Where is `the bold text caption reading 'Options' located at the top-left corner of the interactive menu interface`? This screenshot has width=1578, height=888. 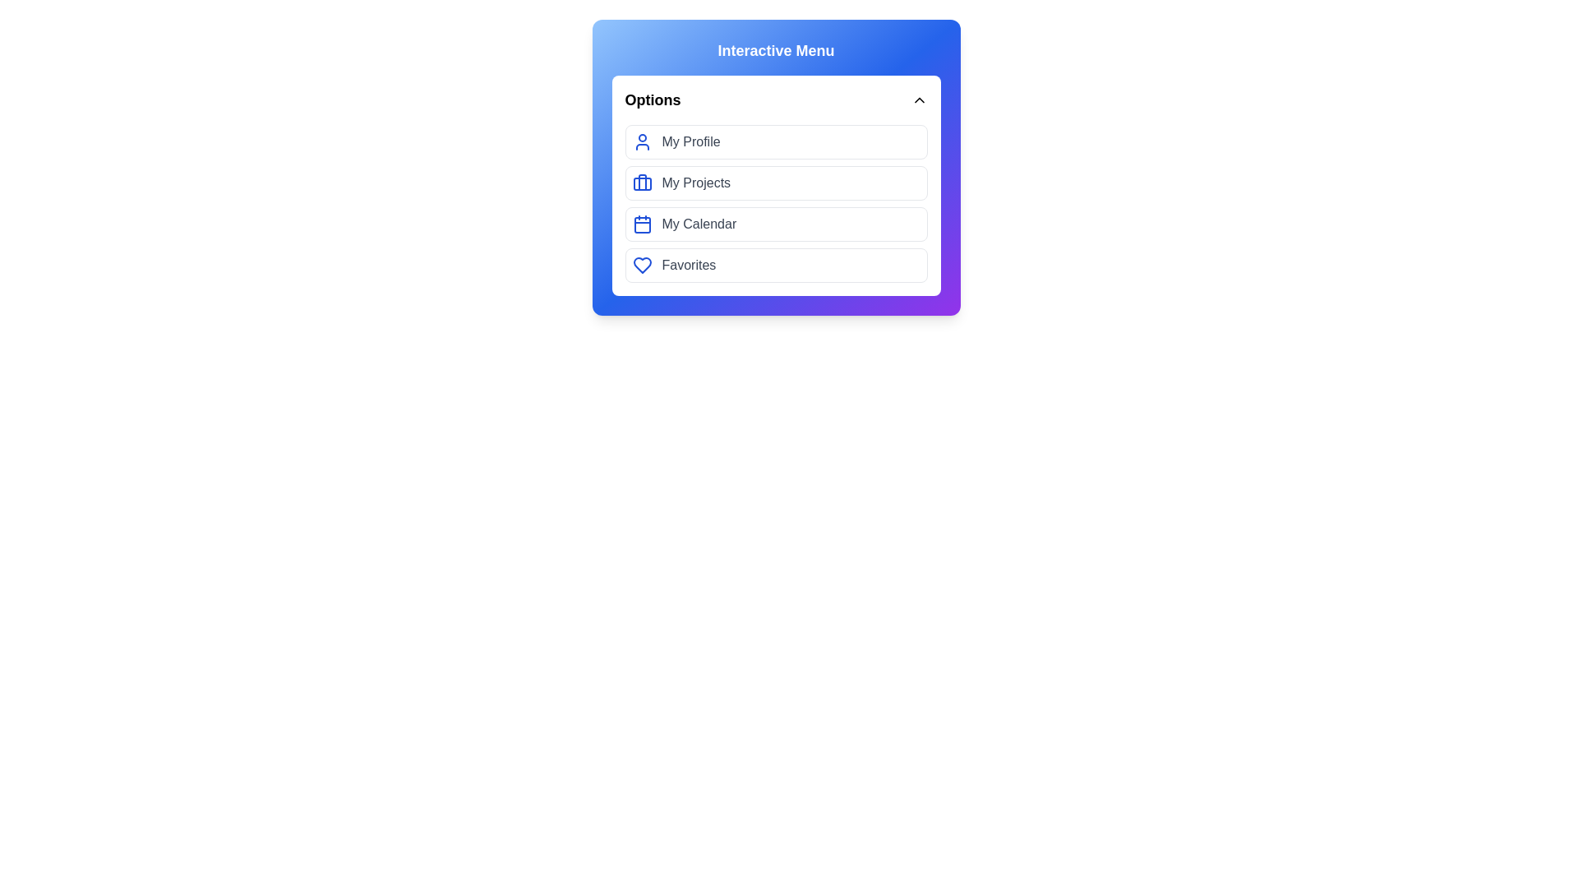 the bold text caption reading 'Options' located at the top-left corner of the interactive menu interface is located at coordinates (652, 100).